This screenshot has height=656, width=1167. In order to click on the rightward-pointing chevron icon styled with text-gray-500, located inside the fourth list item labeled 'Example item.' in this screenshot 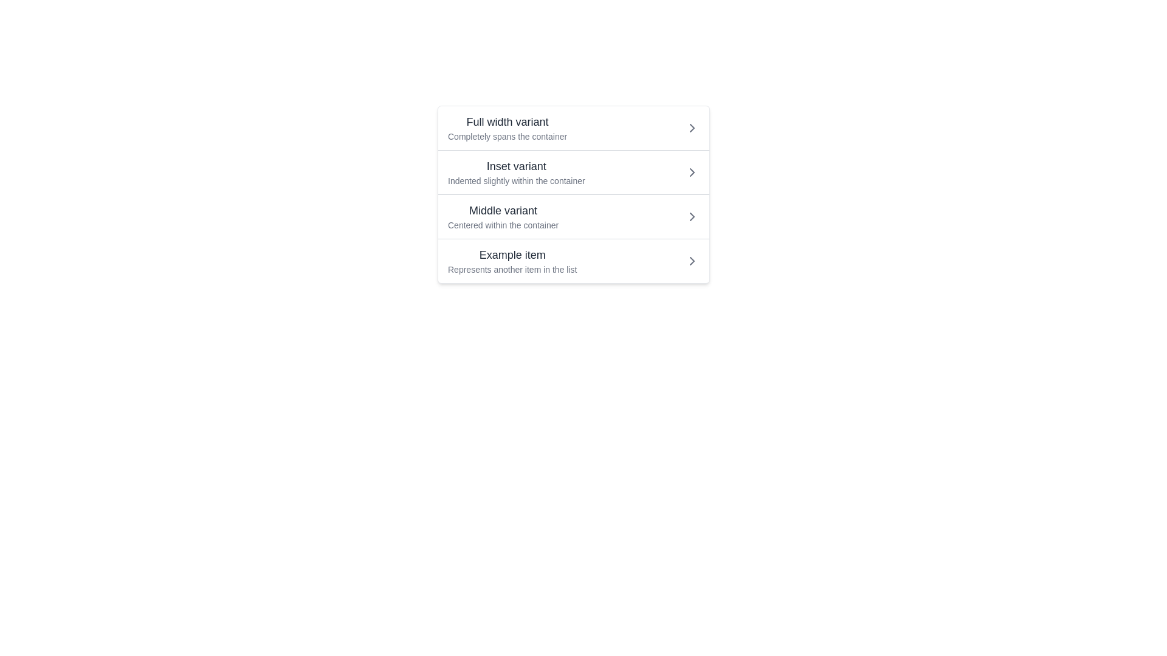, I will do `click(692, 260)`.